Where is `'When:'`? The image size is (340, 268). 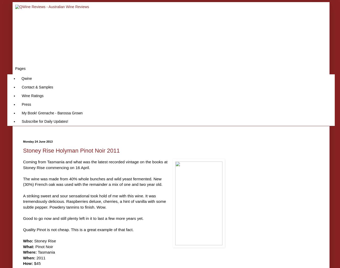 'When:' is located at coordinates (29, 257).